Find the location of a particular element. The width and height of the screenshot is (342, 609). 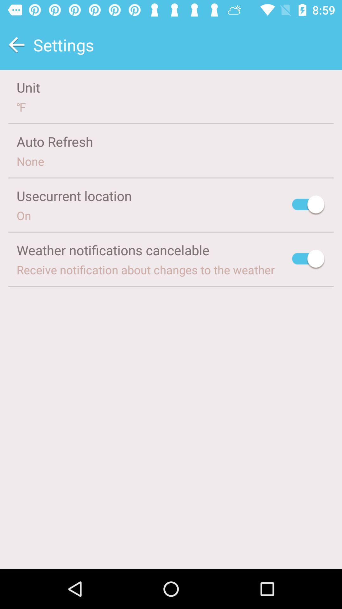

enable notifications is located at coordinates (308, 260).